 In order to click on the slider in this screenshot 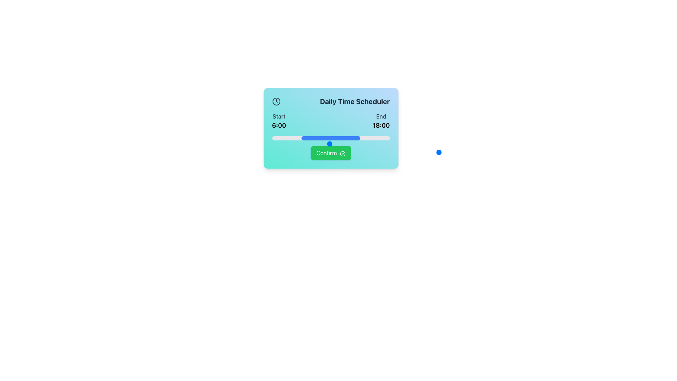, I will do `click(341, 138)`.